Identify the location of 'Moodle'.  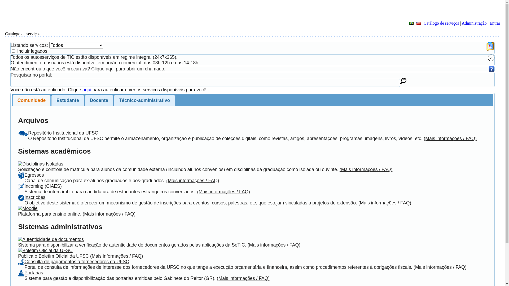
(30, 208).